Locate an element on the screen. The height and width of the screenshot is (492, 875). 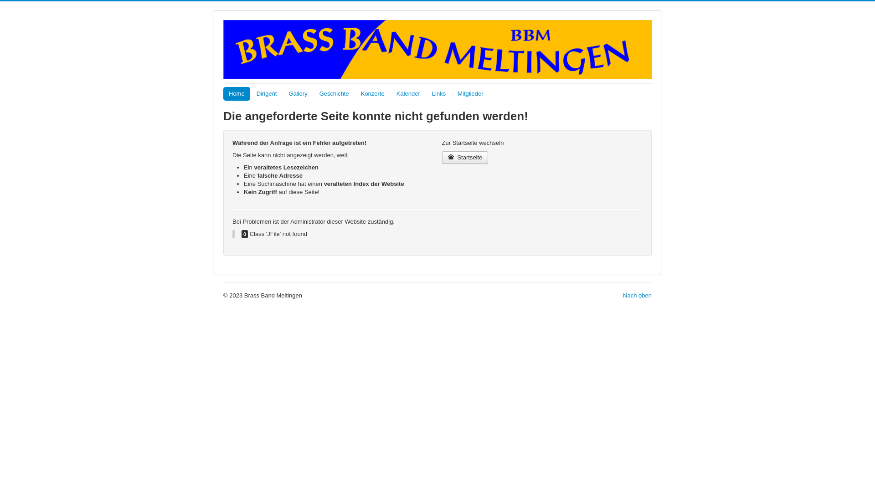
'Mitglieder' is located at coordinates (470, 93).